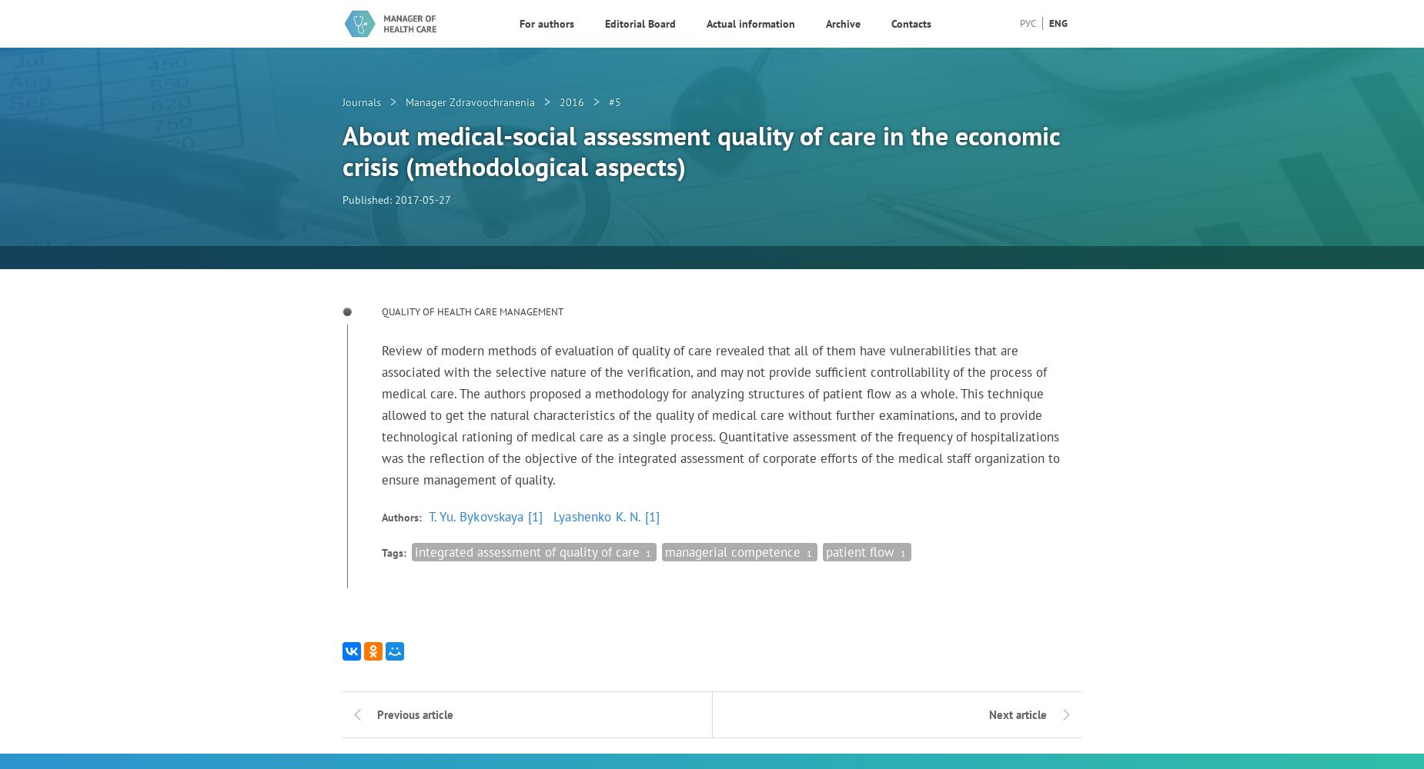 This screenshot has width=1424, height=769. What do you see at coordinates (362, 102) in the screenshot?
I see `'Journals'` at bounding box center [362, 102].